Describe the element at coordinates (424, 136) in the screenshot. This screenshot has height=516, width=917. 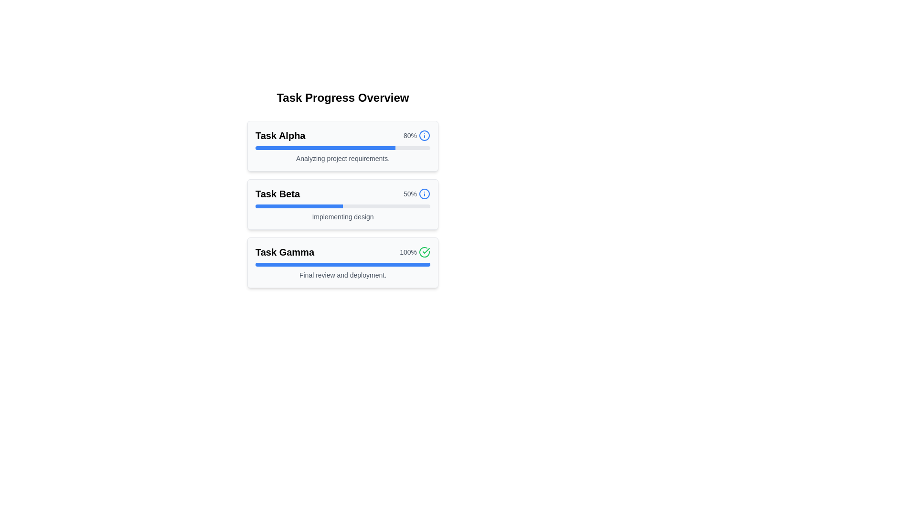
I see `the circular element in the SVG graphic that represents a node or marker, located near the task information labeled 'Task Beta' in the second row` at that location.